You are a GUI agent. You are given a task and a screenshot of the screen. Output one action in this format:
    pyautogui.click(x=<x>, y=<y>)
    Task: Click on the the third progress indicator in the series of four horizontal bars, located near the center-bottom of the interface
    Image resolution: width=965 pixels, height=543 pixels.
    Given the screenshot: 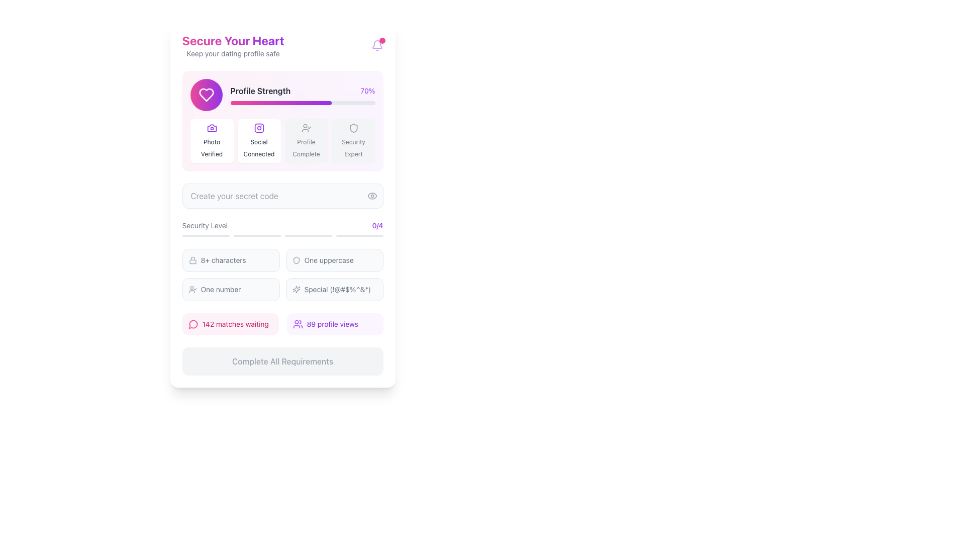 What is the action you would take?
    pyautogui.click(x=308, y=236)
    